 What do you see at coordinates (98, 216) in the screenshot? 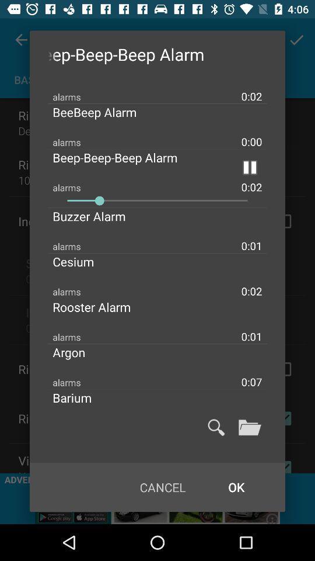
I see `the buzzer alarm item` at bounding box center [98, 216].